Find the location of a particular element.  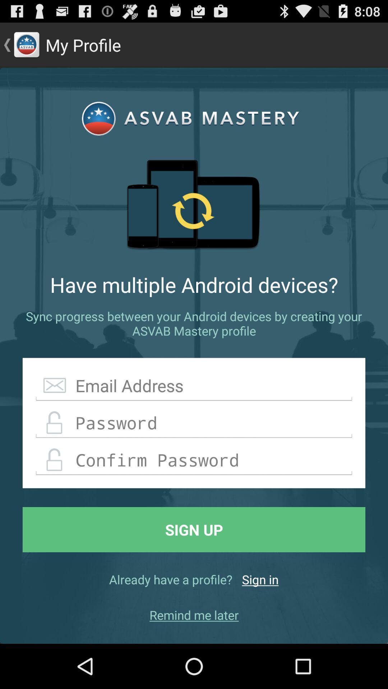

sign up icon is located at coordinates (194, 529).